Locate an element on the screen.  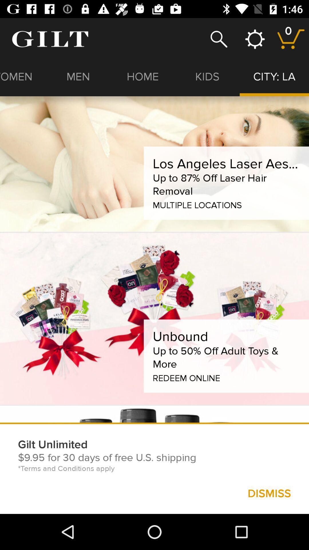
item below the terms and conditions is located at coordinates (269, 493).